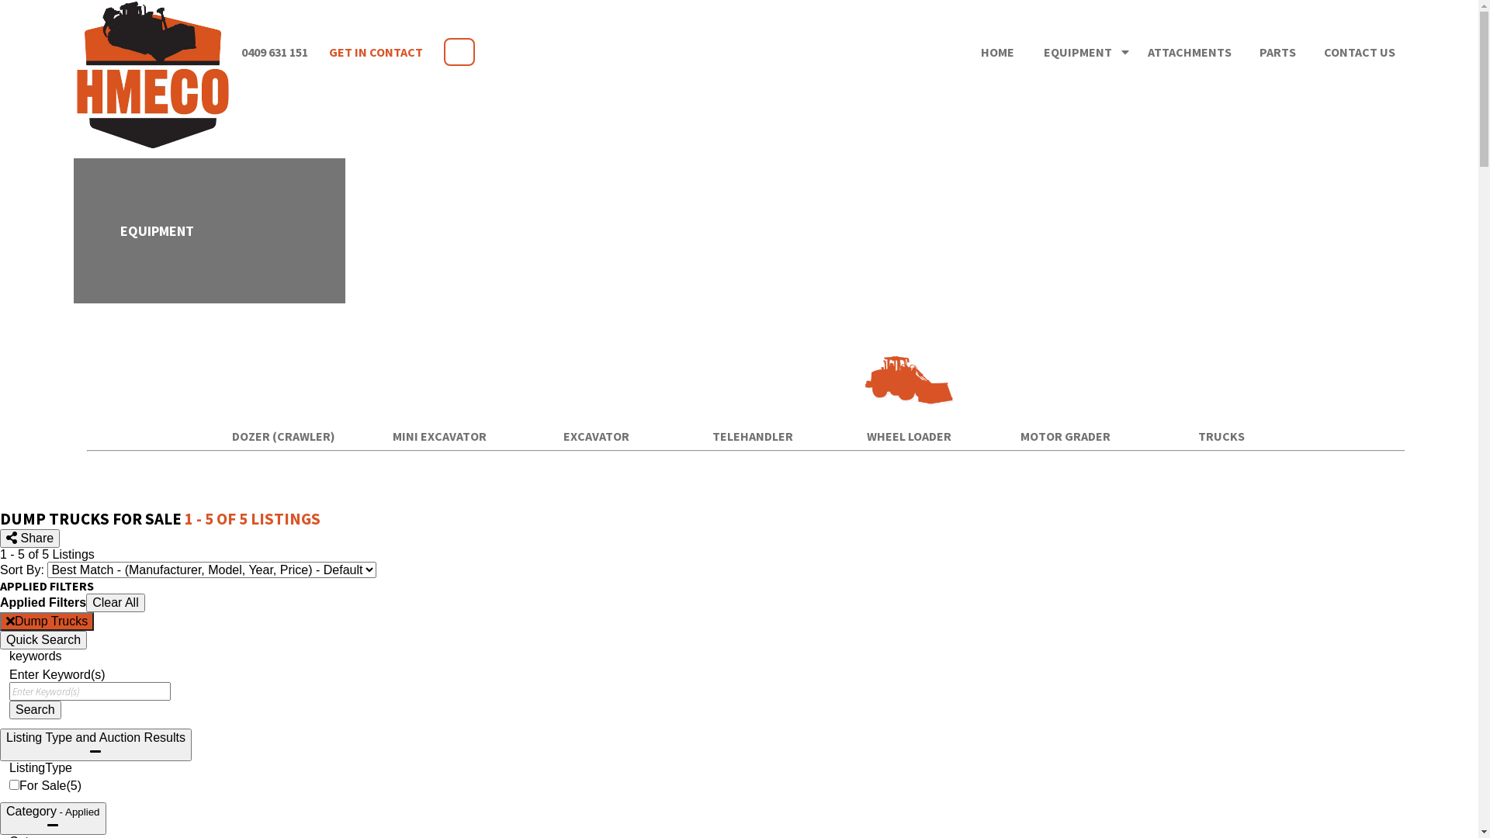 The height and width of the screenshot is (838, 1490). What do you see at coordinates (909, 436) in the screenshot?
I see `'WHEEL LOADER'` at bounding box center [909, 436].